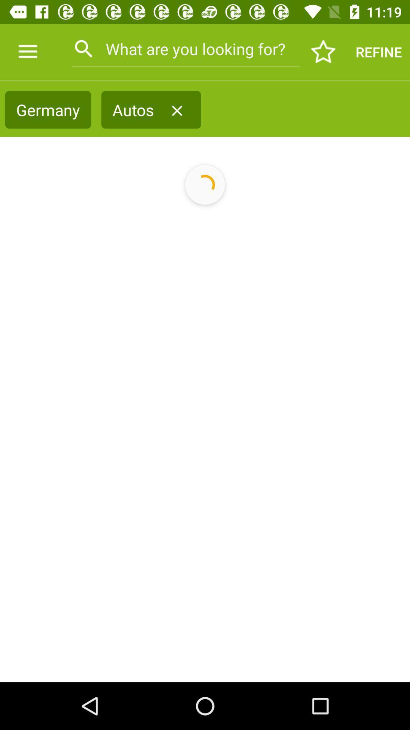  What do you see at coordinates (27, 51) in the screenshot?
I see `item to the left of the what are you` at bounding box center [27, 51].